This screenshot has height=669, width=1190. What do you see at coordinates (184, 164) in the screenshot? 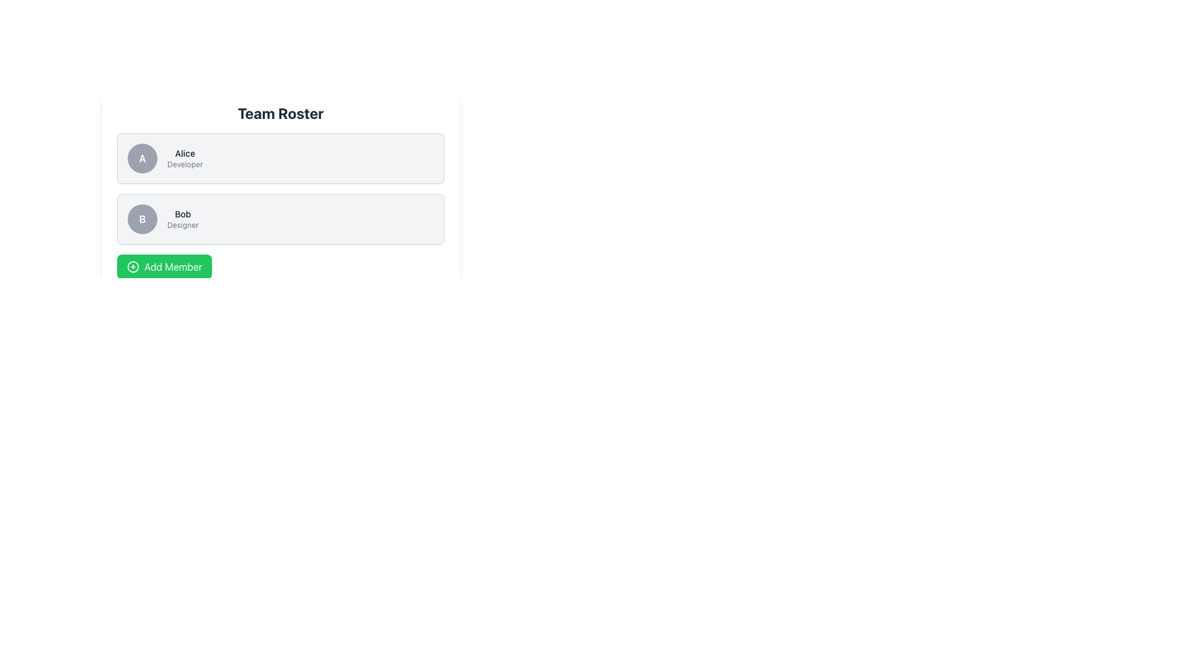
I see `the text label that displays 'Developer' beneath the name 'Alice' in a lighter gray font within her profile card` at bounding box center [184, 164].